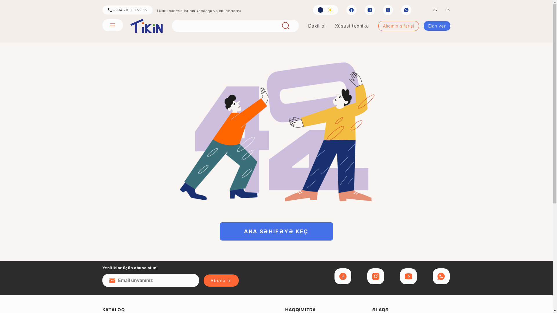 Image resolution: width=557 pixels, height=313 pixels. Describe the element at coordinates (437, 26) in the screenshot. I see `'Elan ver'` at that location.